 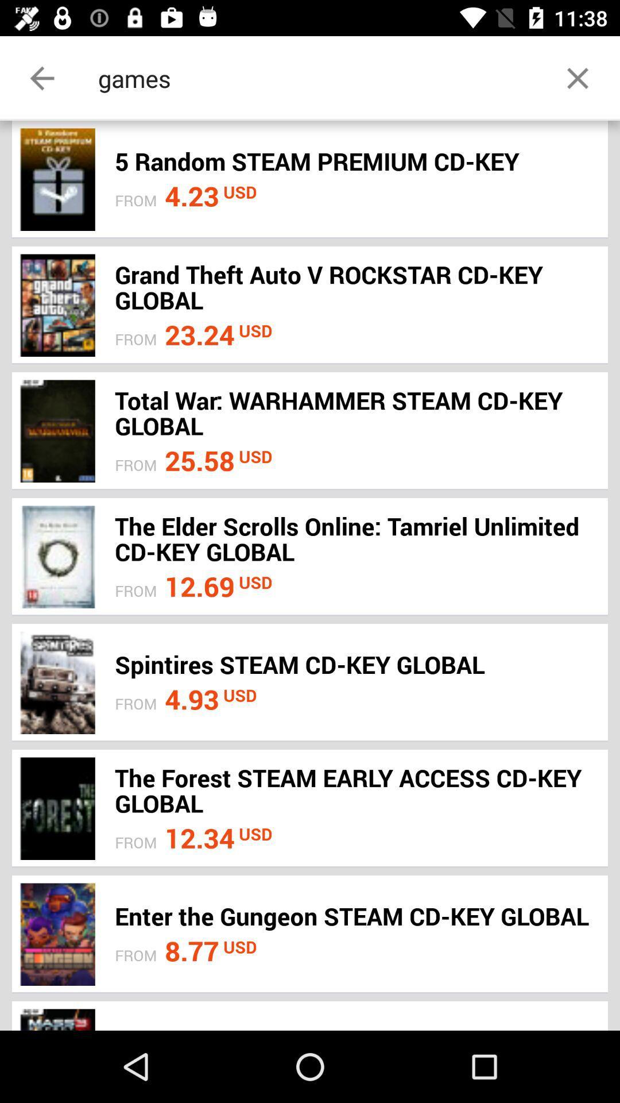 What do you see at coordinates (41, 78) in the screenshot?
I see `the arrow_backward icon` at bounding box center [41, 78].